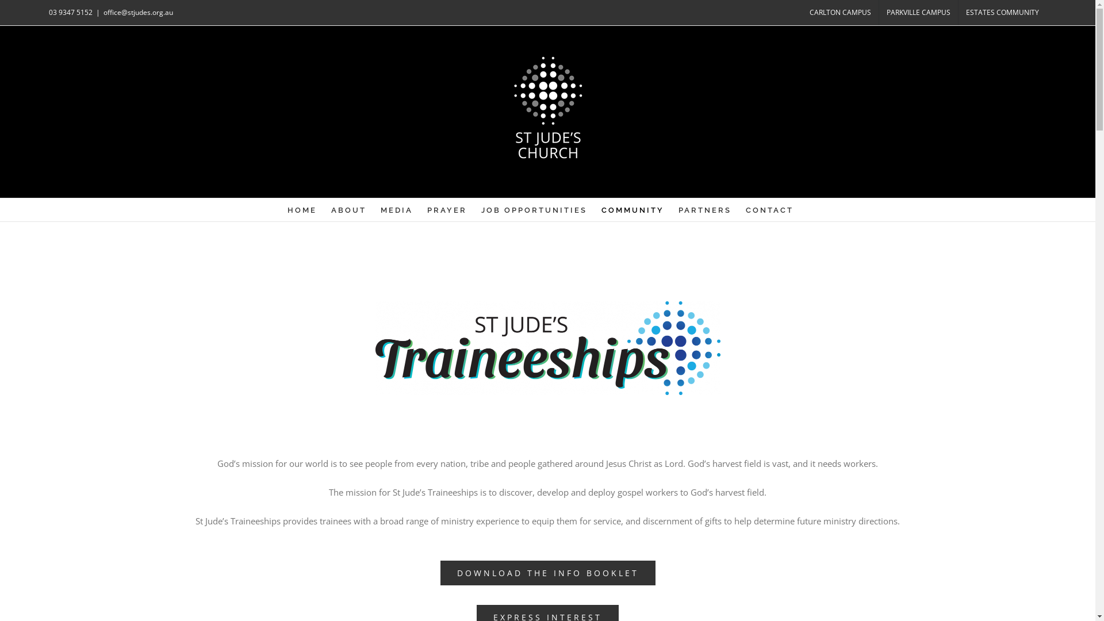 Image resolution: width=1104 pixels, height=621 pixels. Describe the element at coordinates (138, 12) in the screenshot. I see `'office@stjudes.org.au'` at that location.